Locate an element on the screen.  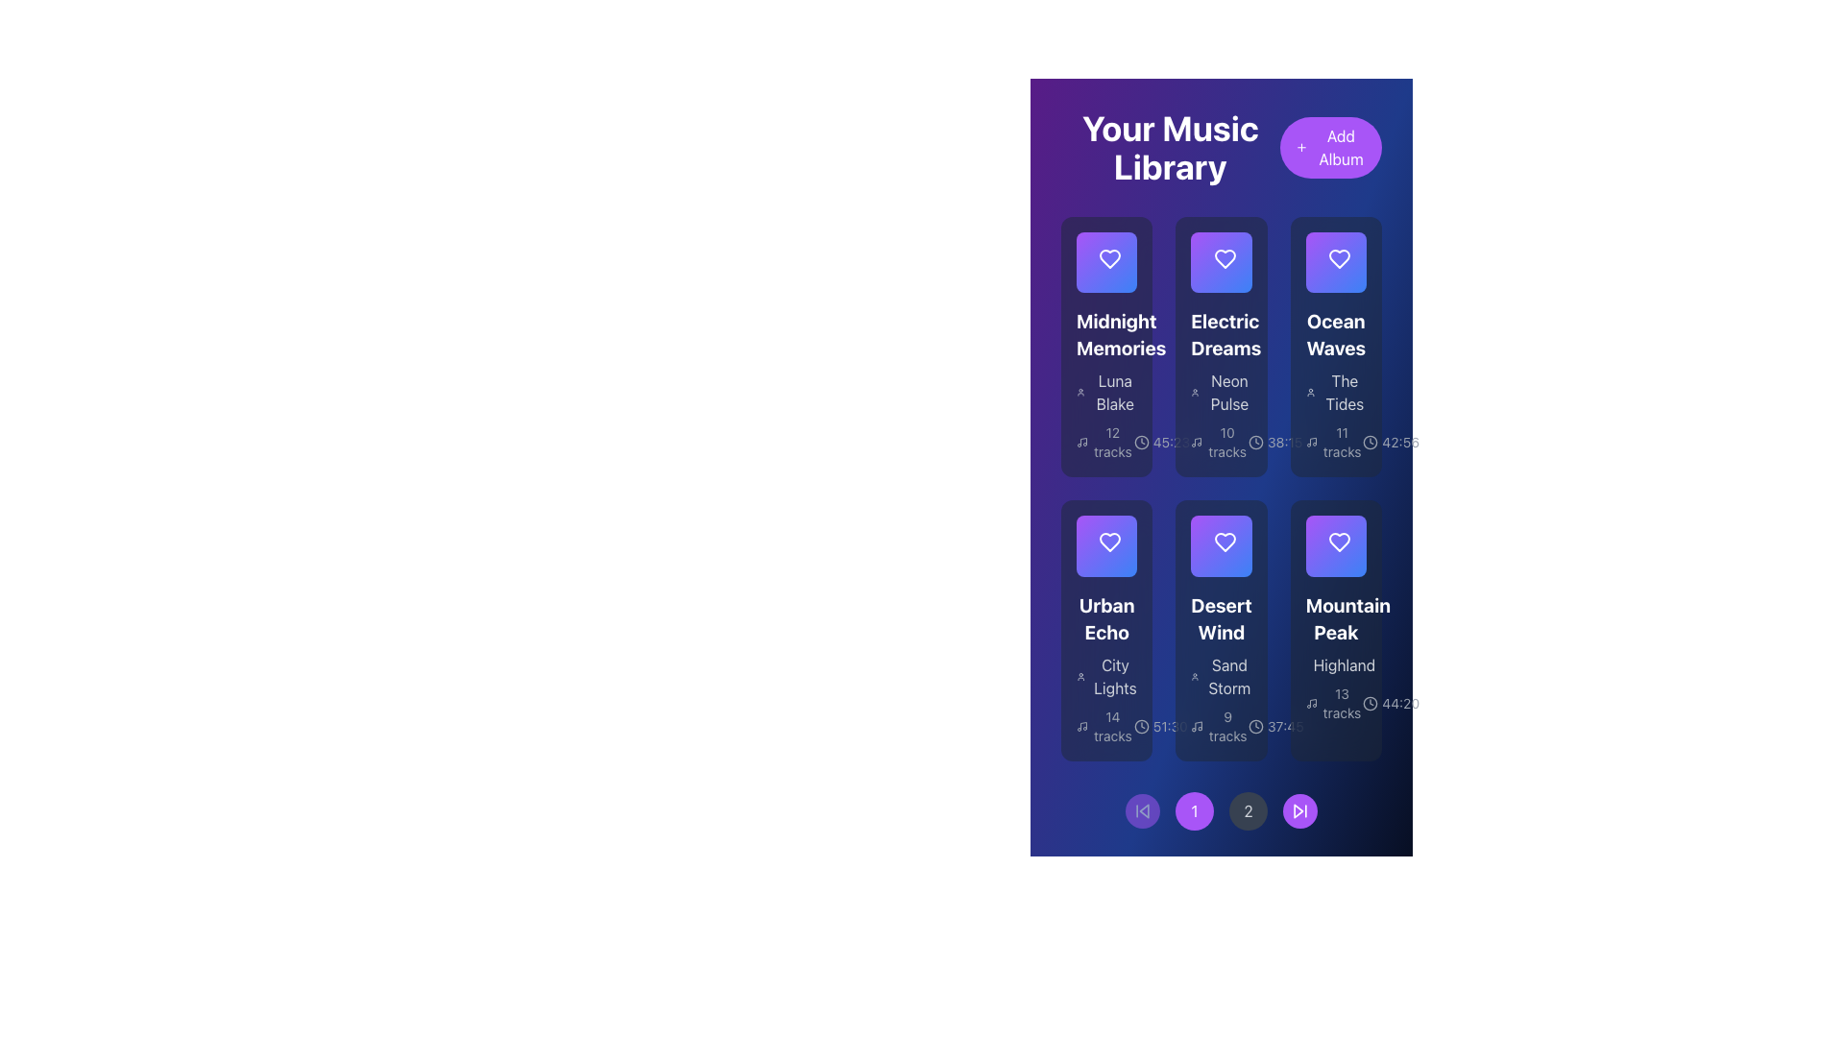
the circular white button centered in the 'Urban Echo' grid tile to initiate playback of the associated music album is located at coordinates (1106, 546).